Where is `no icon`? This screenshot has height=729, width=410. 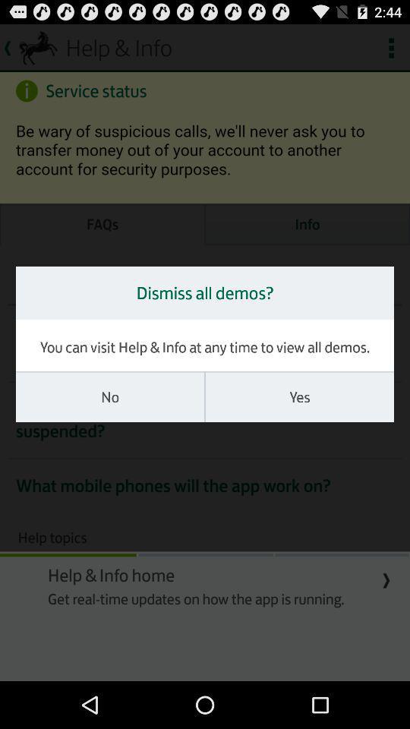
no icon is located at coordinates (109, 396).